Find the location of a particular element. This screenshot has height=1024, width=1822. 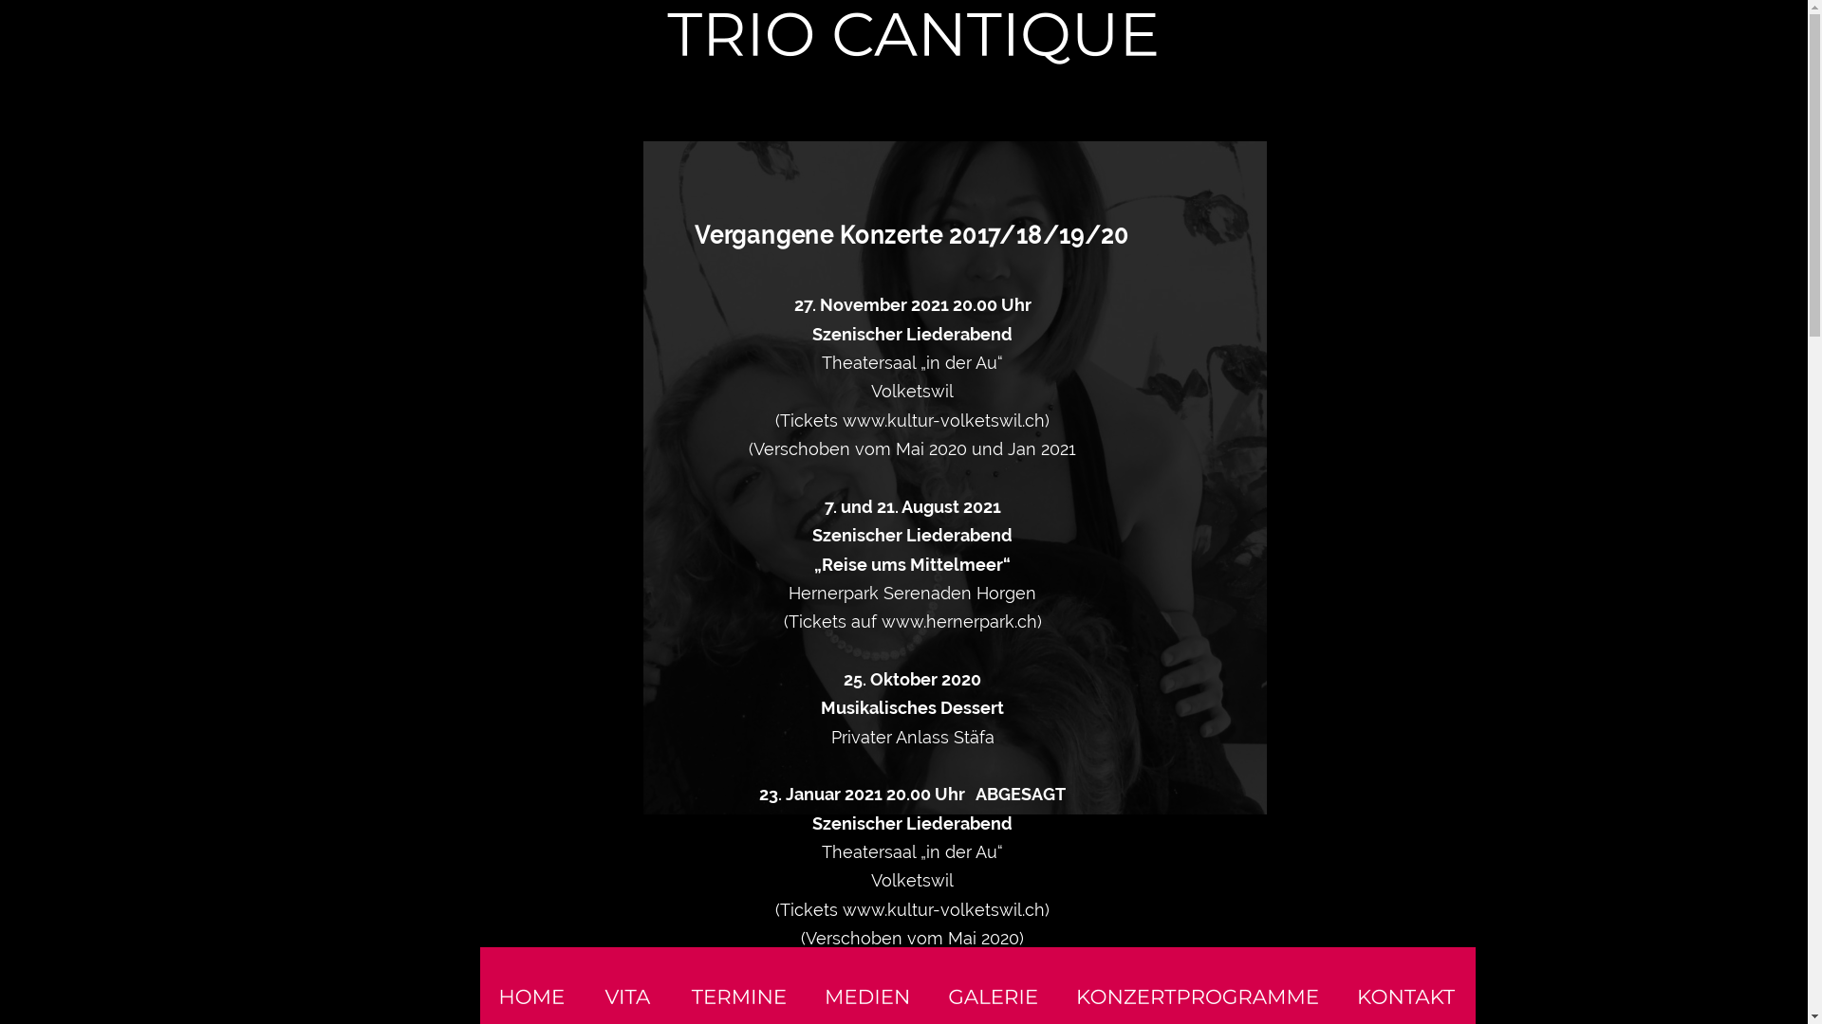

'www.hernerpark.ch)' is located at coordinates (961, 621).